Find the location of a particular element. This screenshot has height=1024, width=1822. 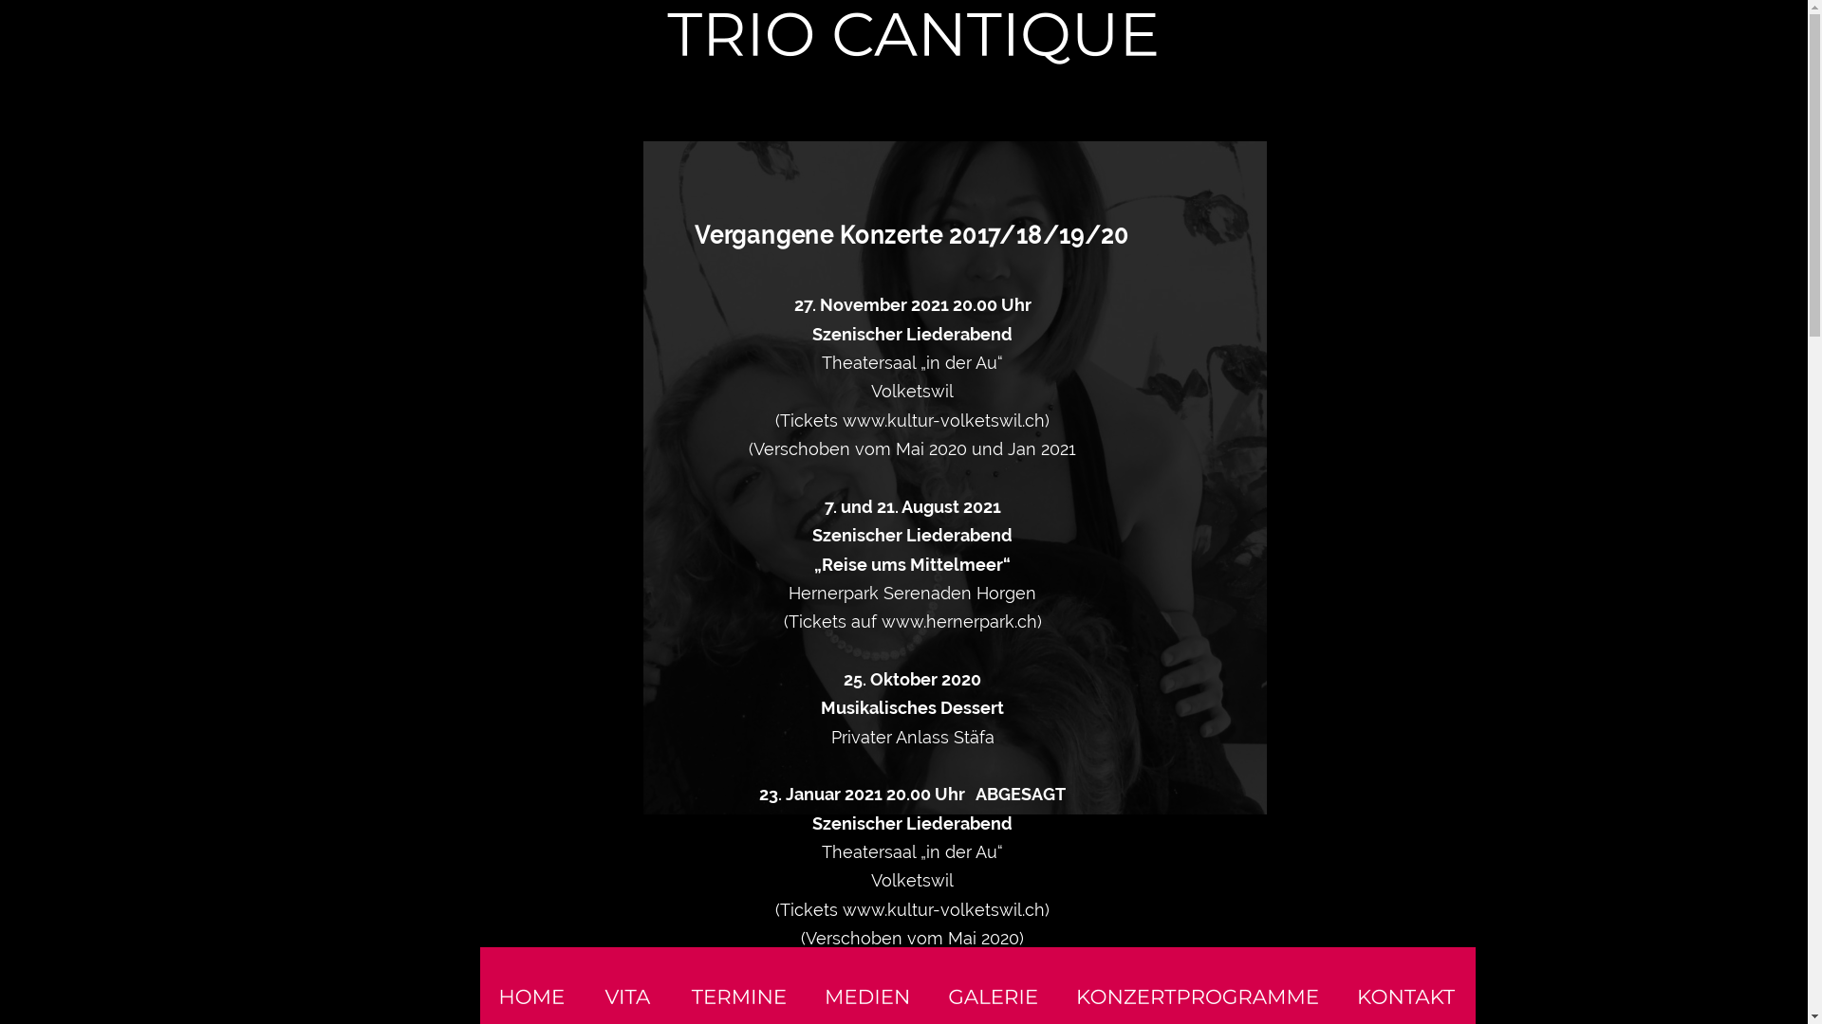

'www.hernerpark.ch)' is located at coordinates (961, 621).